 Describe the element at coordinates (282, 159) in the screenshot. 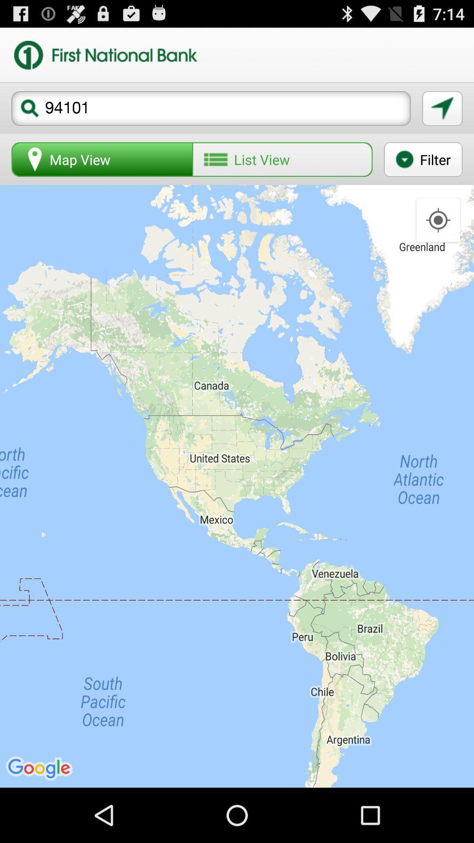

I see `button to the right of map view button` at that location.